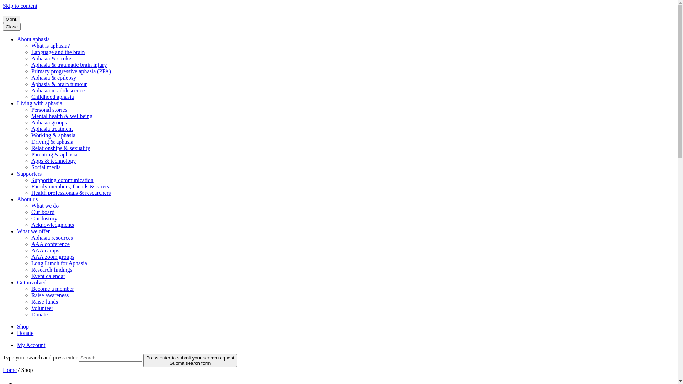  Describe the element at coordinates (49, 295) in the screenshot. I see `'Raise awareness'` at that location.